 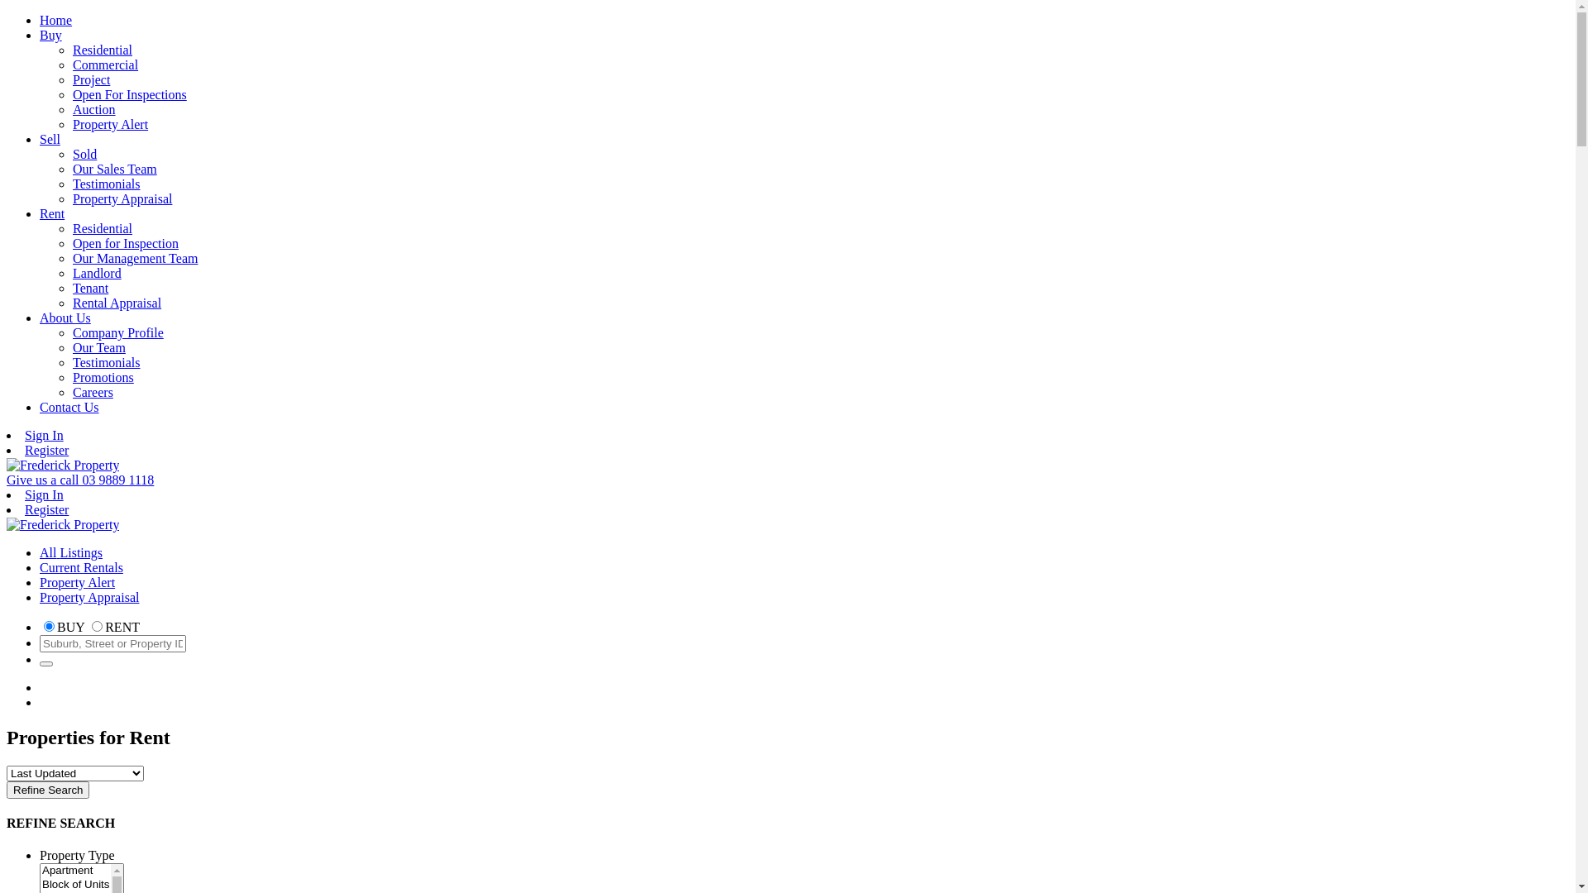 I want to click on 'Auction', so click(x=93, y=109).